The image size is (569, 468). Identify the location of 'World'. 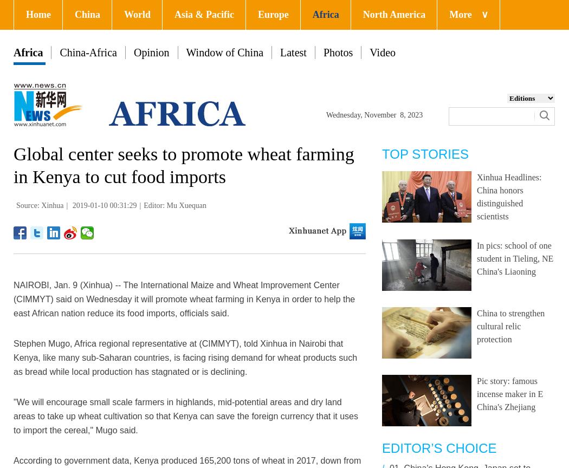
(137, 14).